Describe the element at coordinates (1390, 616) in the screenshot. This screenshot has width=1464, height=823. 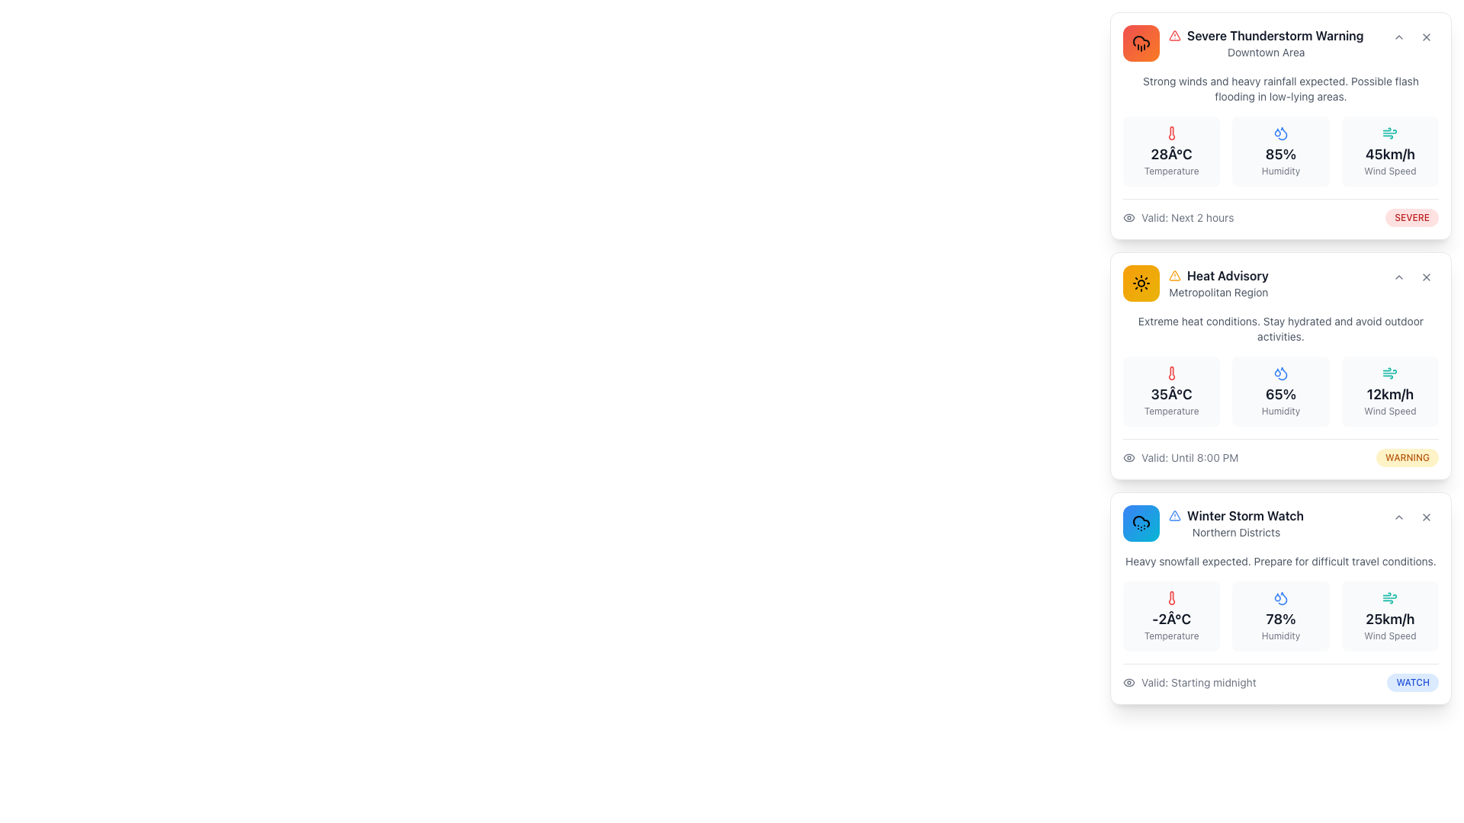
I see `the wind speed informational card displaying '25km/h' in the 'Winter Storm Watch' section for further details` at that location.